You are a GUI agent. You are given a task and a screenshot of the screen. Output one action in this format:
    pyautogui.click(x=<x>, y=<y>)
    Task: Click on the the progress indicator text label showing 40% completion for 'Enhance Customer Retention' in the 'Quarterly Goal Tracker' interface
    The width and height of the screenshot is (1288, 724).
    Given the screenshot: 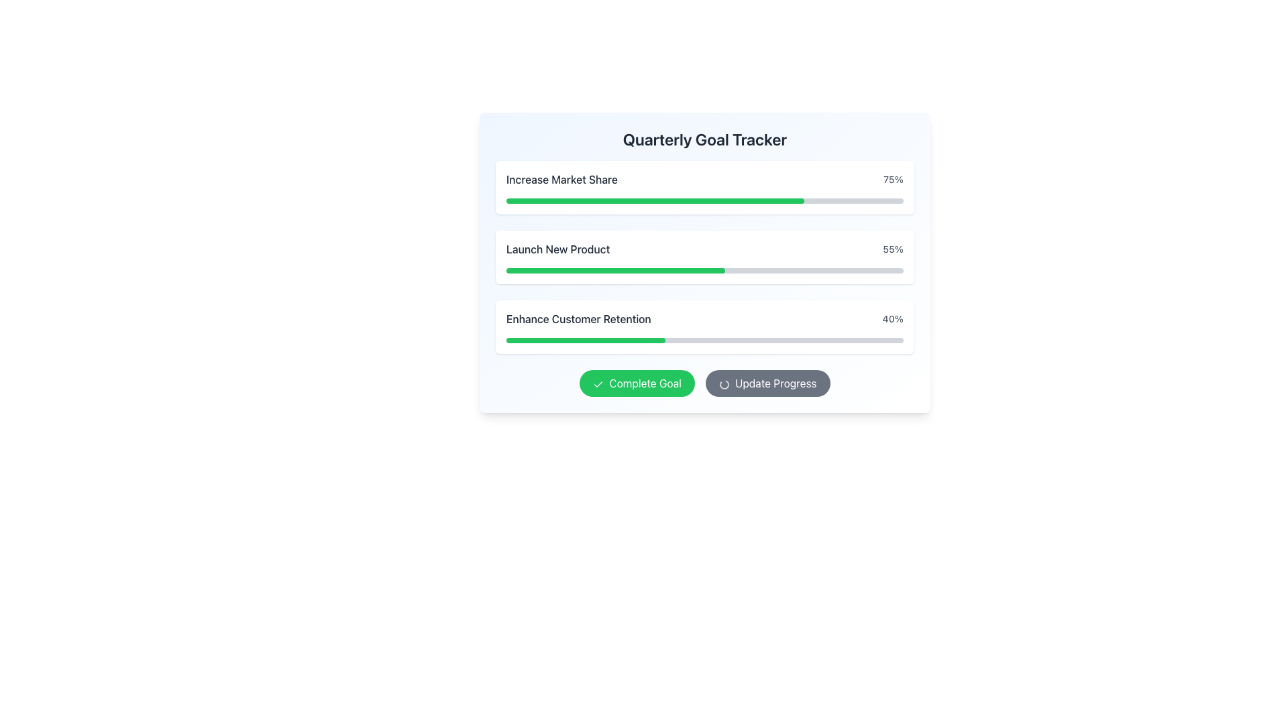 What is the action you would take?
    pyautogui.click(x=893, y=318)
    